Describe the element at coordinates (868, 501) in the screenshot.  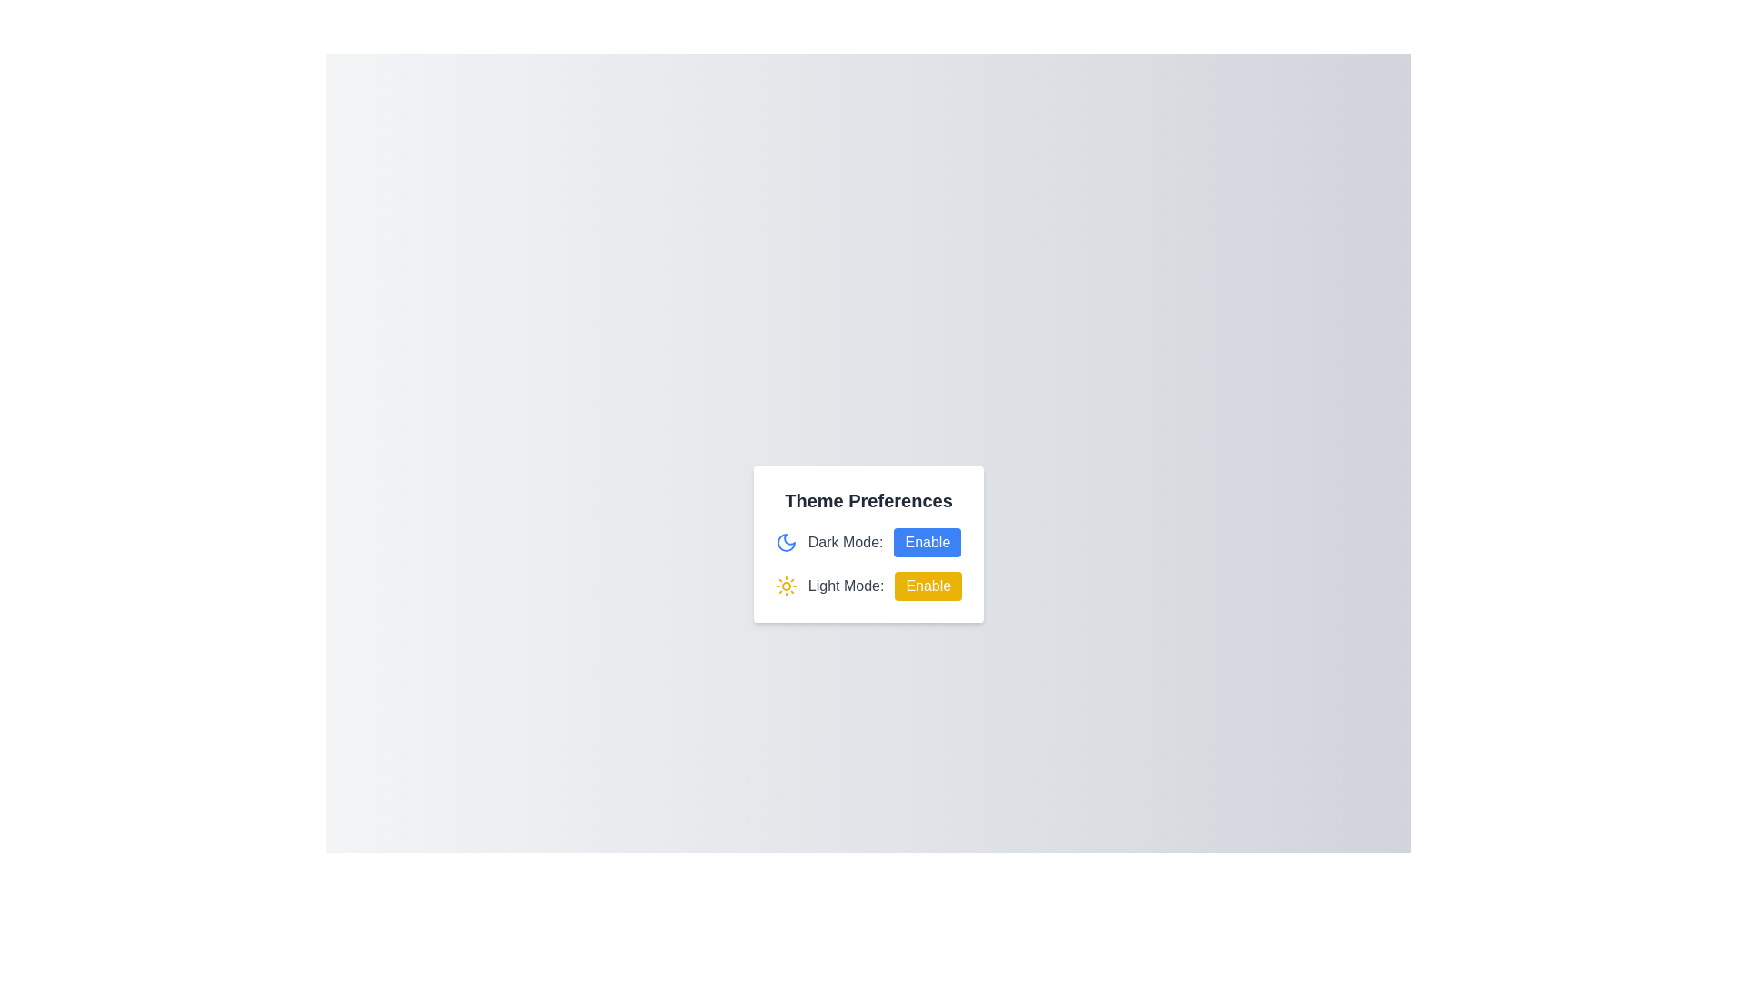
I see `the heading element displaying the phrase 'Theme Preferences', which is styled in bold and larger font size, located centrally above the toggle buttons for 'Dark Mode' and 'Light Mode'` at that location.